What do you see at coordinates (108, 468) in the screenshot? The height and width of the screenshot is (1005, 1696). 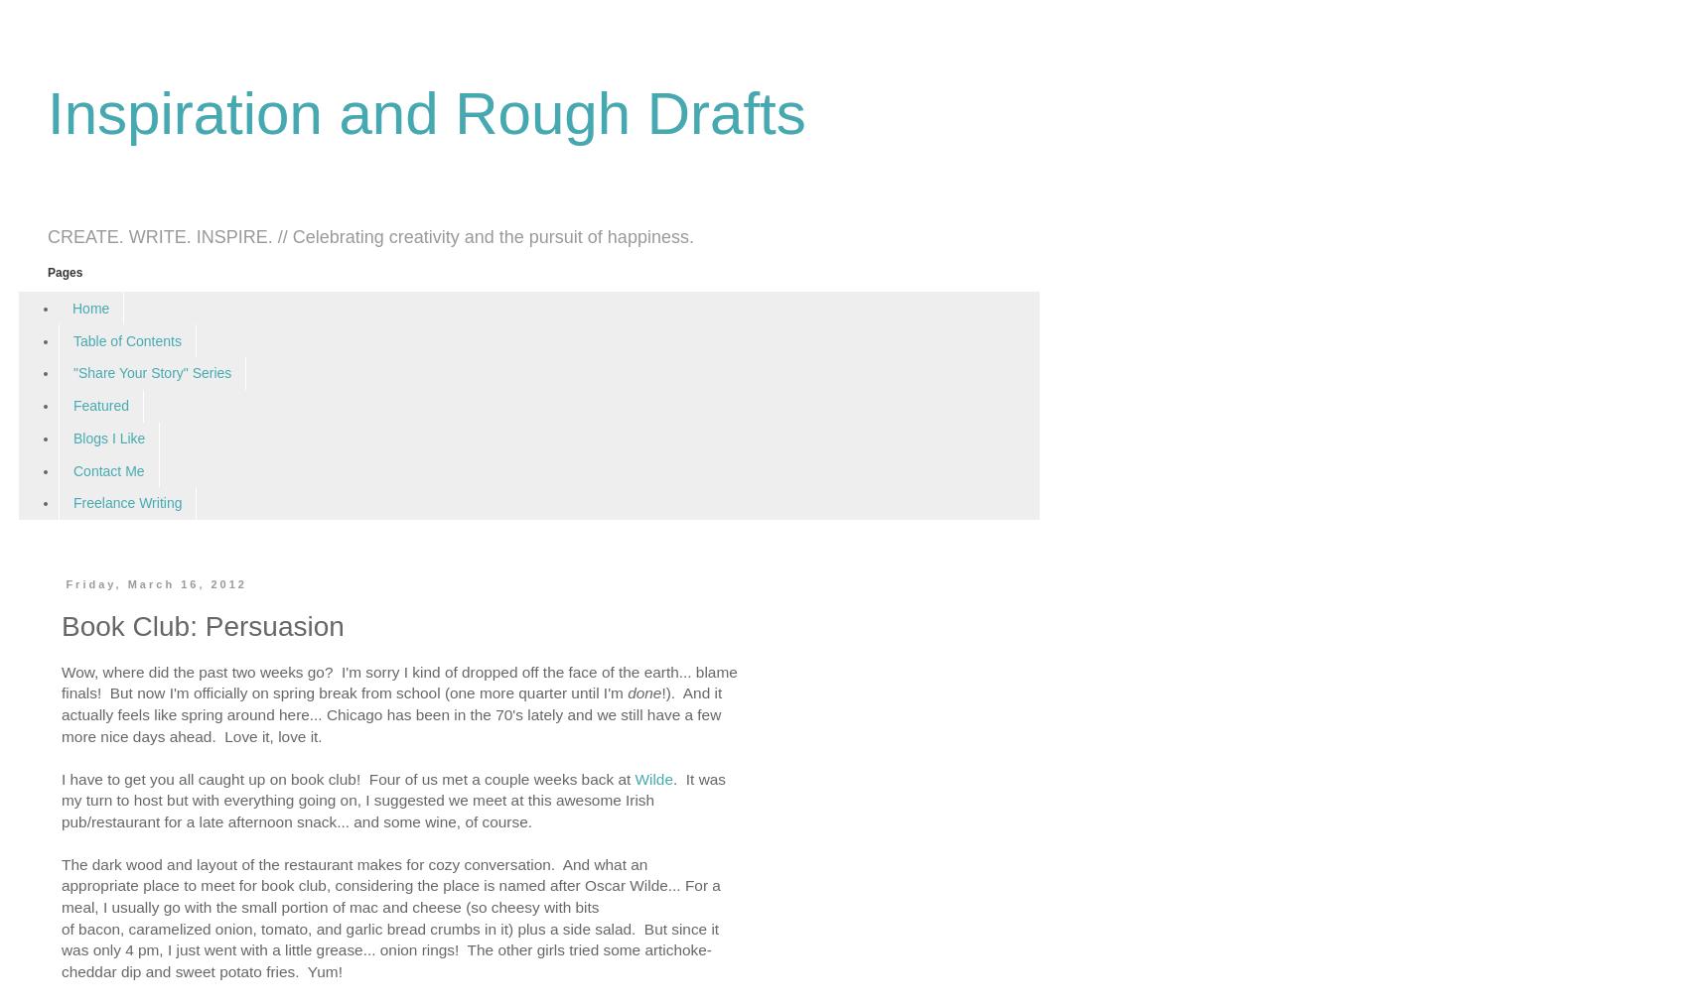 I see `'Contact Me'` at bounding box center [108, 468].